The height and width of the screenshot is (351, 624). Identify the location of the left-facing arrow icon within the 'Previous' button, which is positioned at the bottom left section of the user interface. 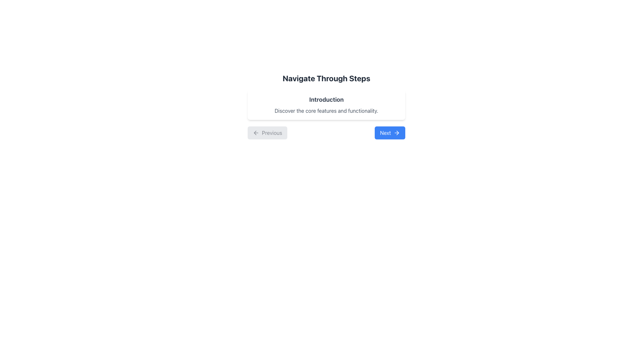
(255, 132).